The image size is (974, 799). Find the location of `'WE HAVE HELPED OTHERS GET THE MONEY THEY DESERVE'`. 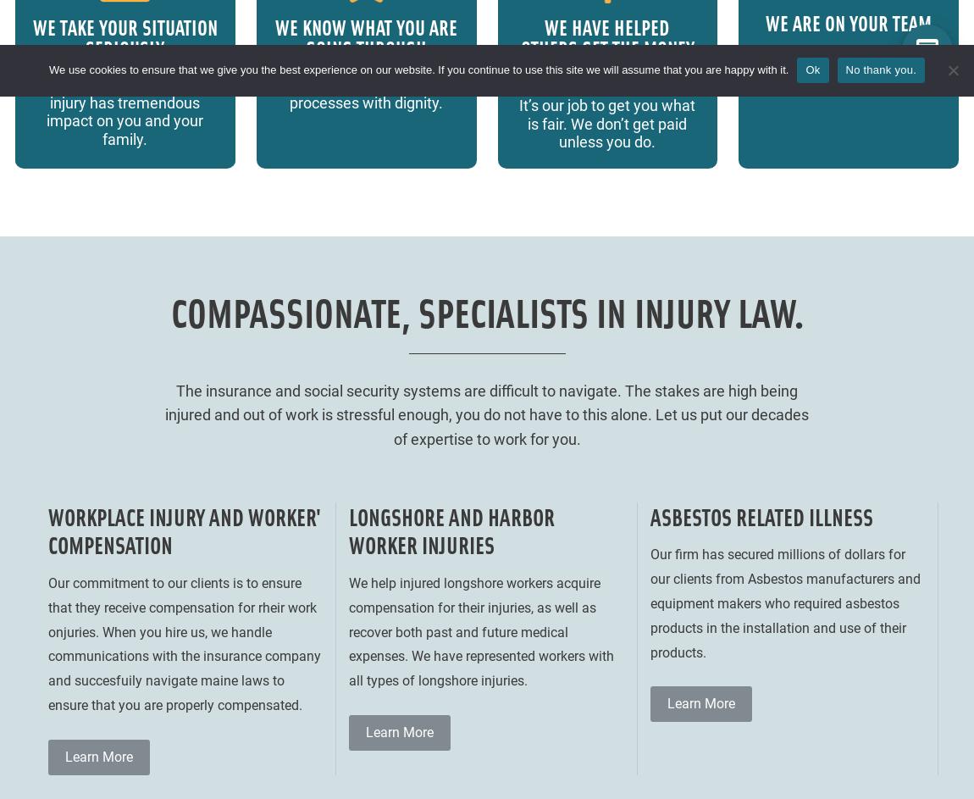

'WE HAVE HELPED OTHERS GET THE MONEY THEY DESERVE' is located at coordinates (606, 47).